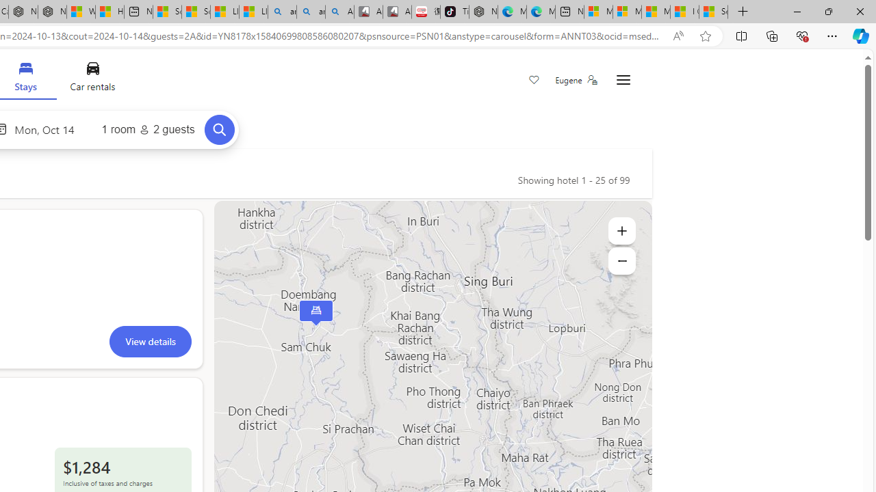 The width and height of the screenshot is (876, 492). I want to click on 'View details', so click(150, 340).